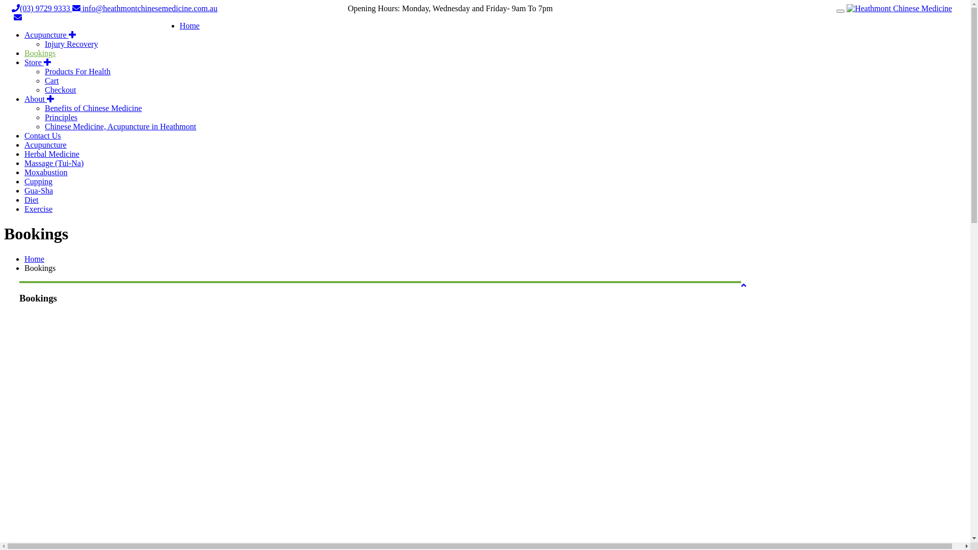 Image resolution: width=978 pixels, height=550 pixels. What do you see at coordinates (93, 108) in the screenshot?
I see `'Benefits of Chinese Medicine'` at bounding box center [93, 108].